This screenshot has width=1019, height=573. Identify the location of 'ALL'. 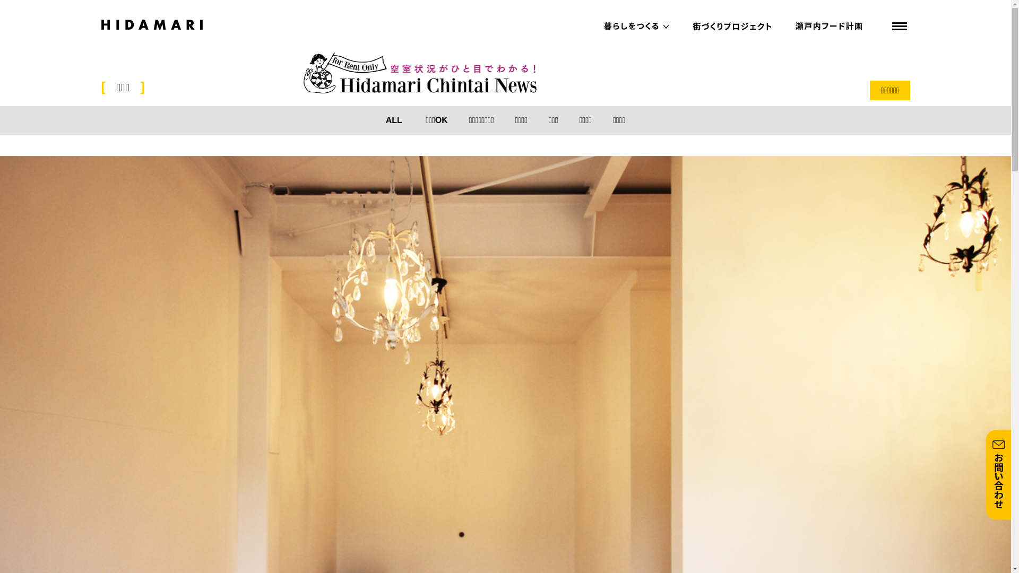
(393, 119).